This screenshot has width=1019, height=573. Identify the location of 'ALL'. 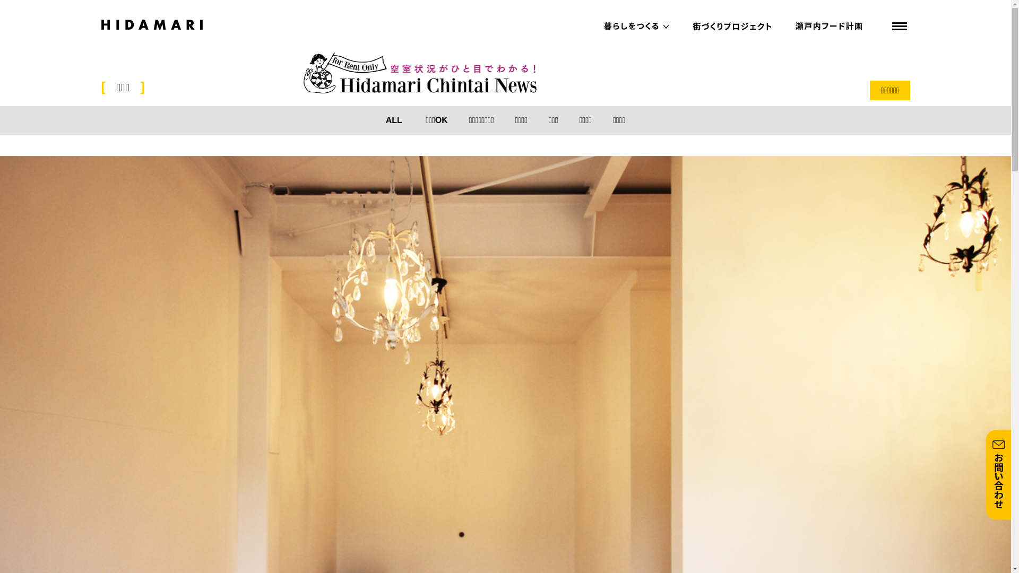
(393, 119).